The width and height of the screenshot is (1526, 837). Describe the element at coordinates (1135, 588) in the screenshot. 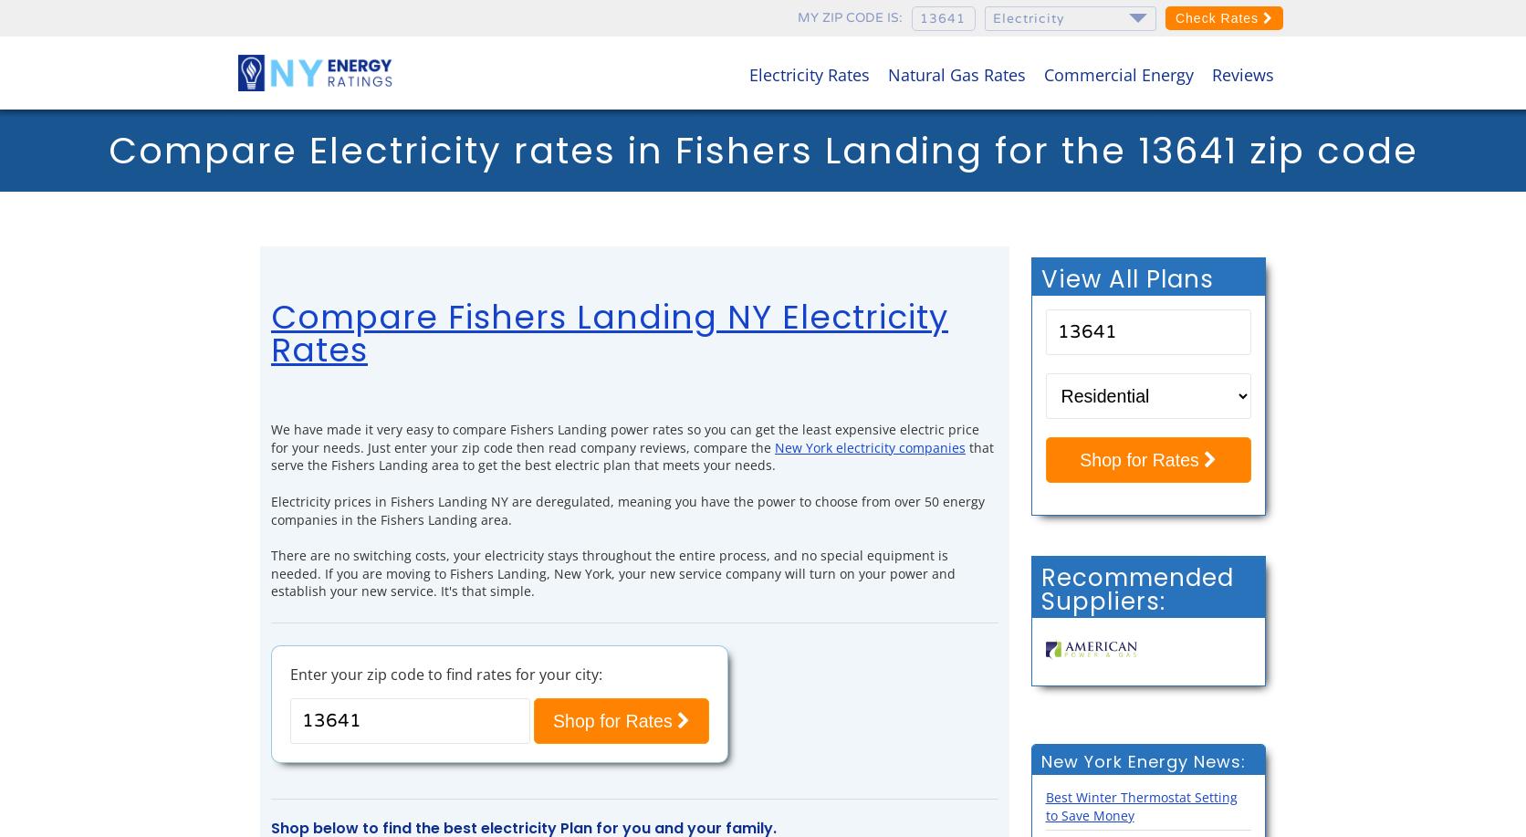

I see `'Recommended Suppliers:'` at that location.